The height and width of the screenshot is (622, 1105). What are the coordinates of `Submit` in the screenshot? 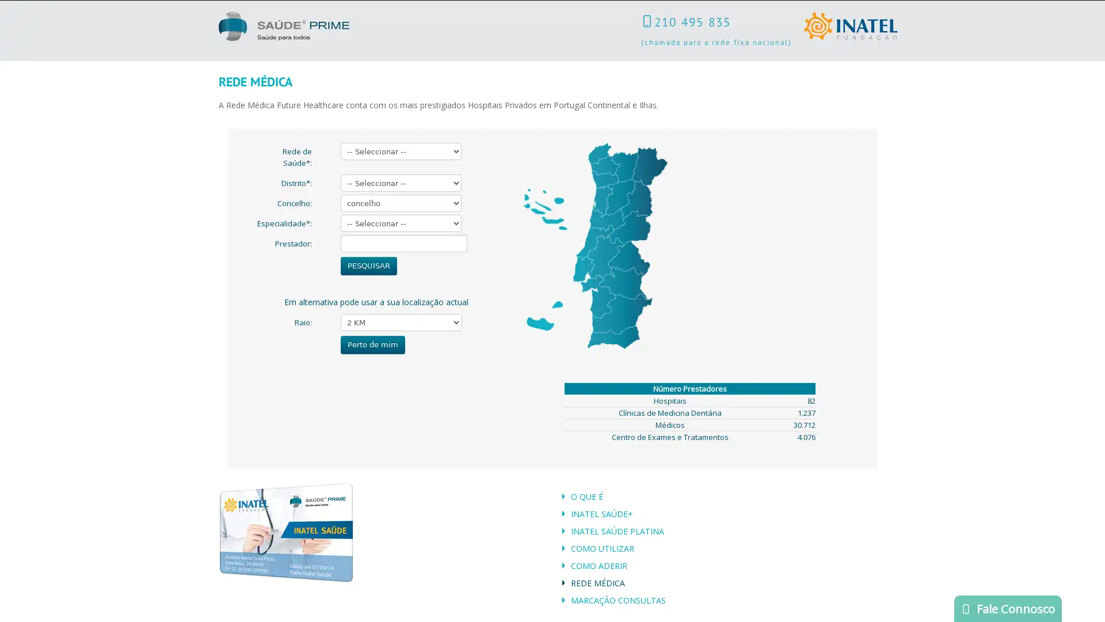 It's located at (256, 150).